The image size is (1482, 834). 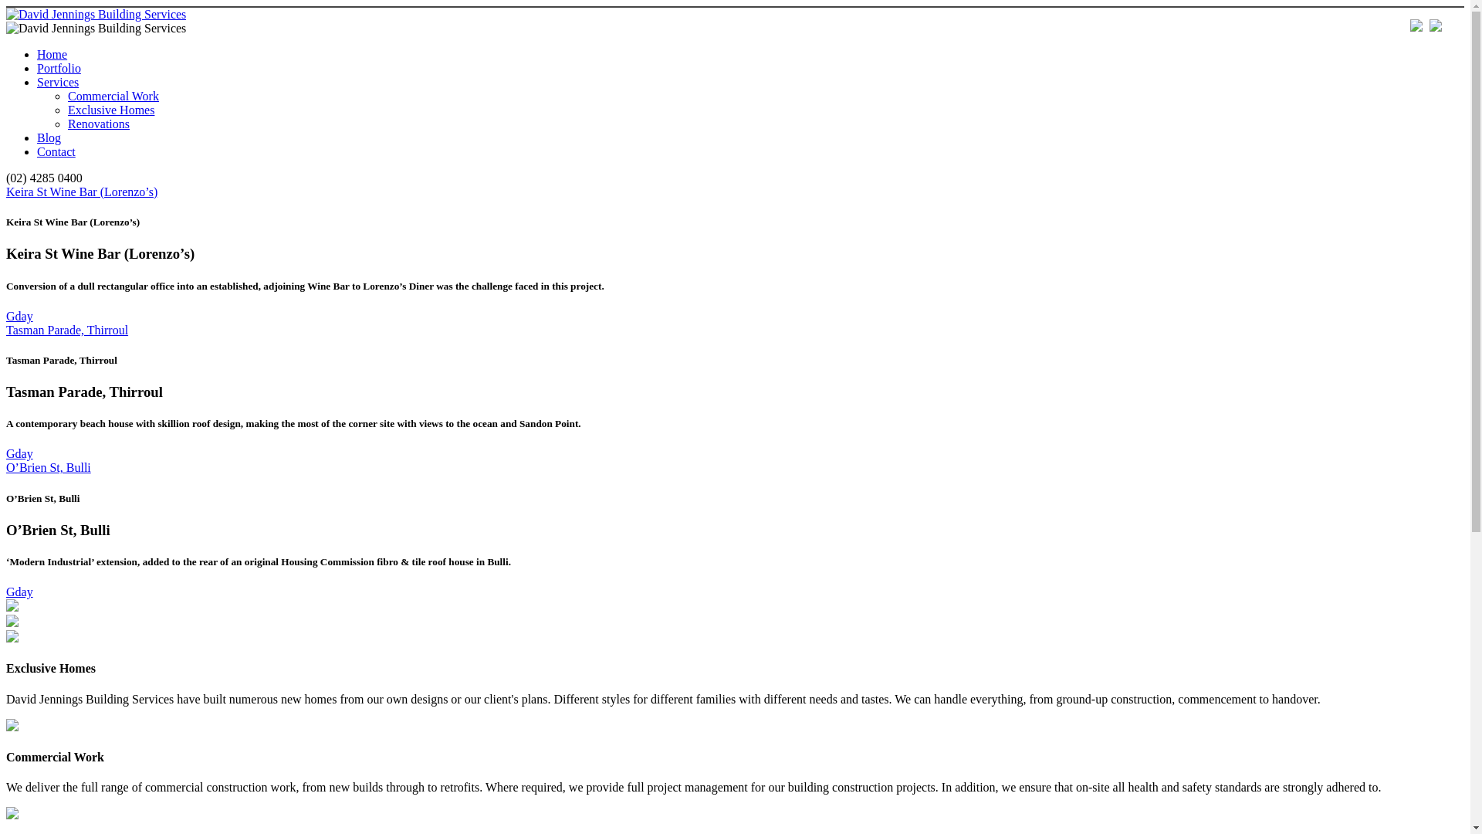 I want to click on 'Portfolio', so click(x=37, y=67).